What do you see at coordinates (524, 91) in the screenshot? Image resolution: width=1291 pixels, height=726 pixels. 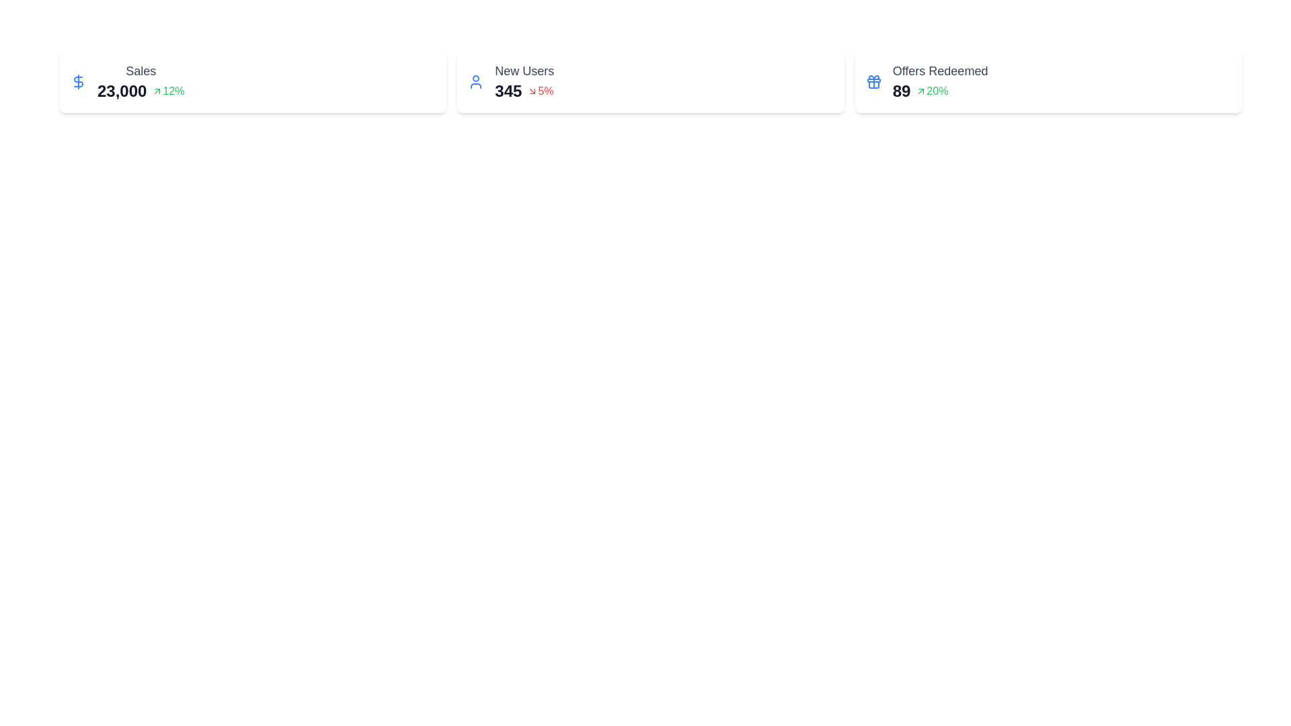 I see `the displayed data on the Stat Display showing '3455%' within the New Users card` at bounding box center [524, 91].